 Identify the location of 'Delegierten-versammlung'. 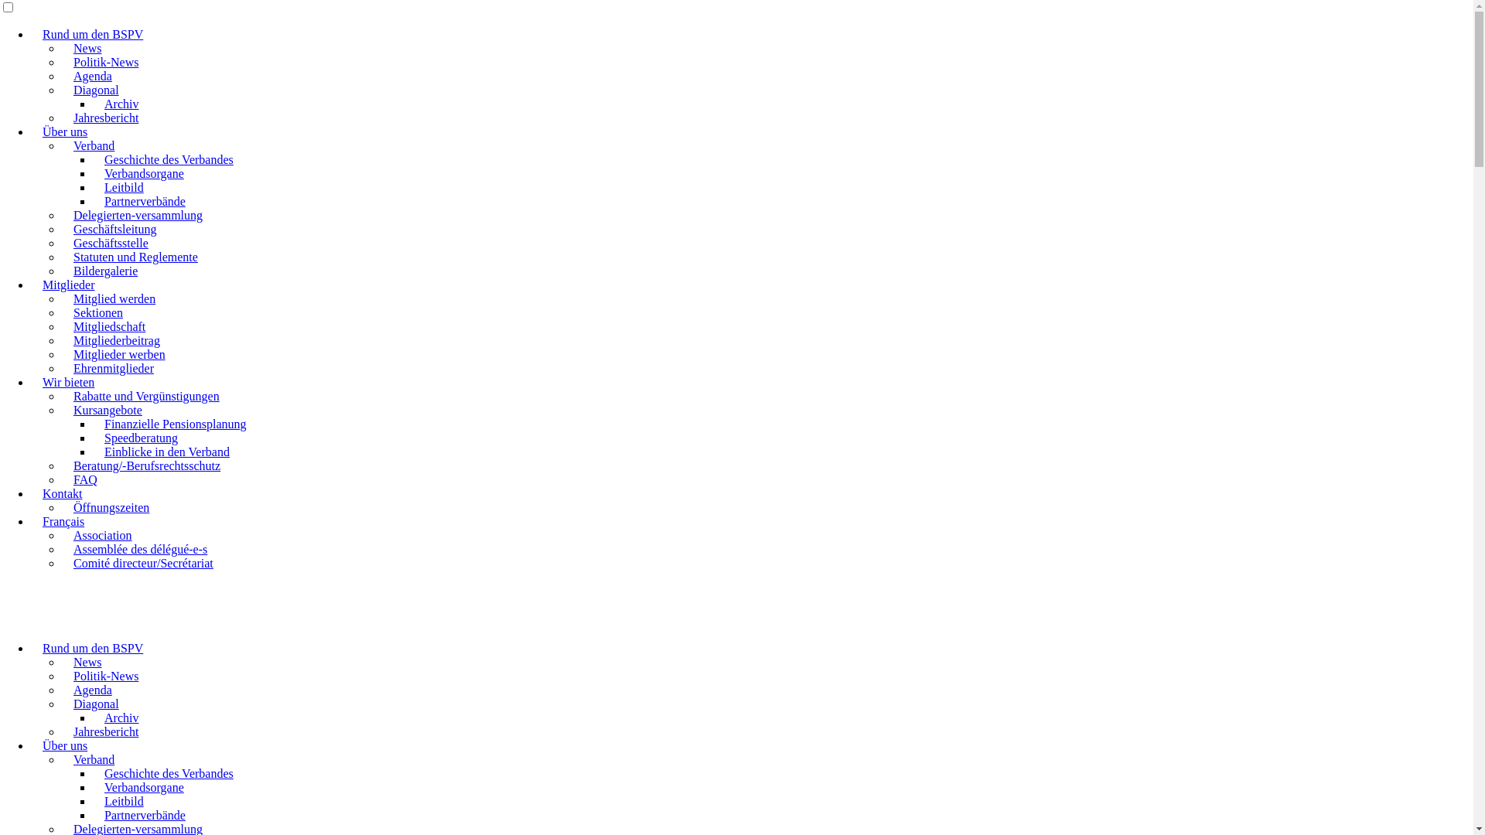
(138, 215).